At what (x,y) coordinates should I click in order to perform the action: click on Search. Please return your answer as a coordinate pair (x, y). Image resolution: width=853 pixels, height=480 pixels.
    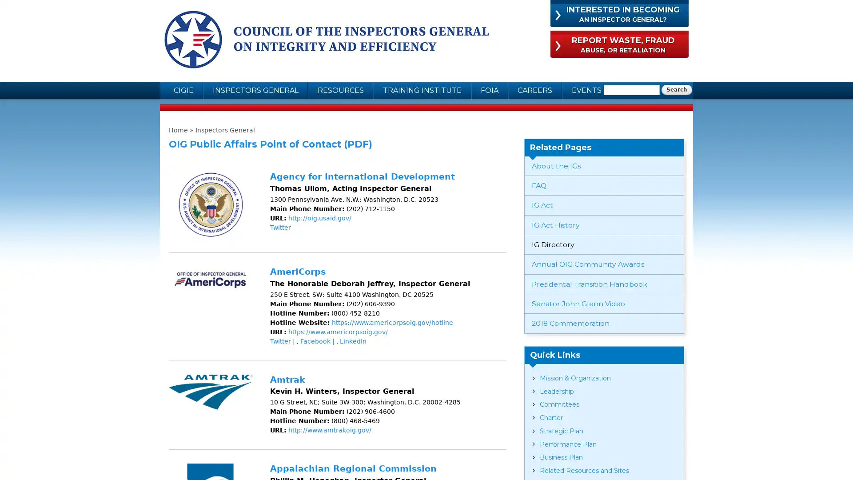
    Looking at the image, I should click on (676, 90).